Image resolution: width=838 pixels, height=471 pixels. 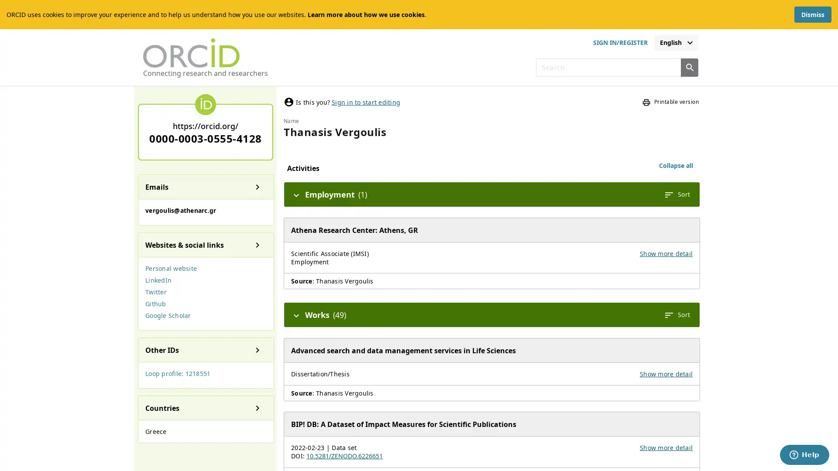 What do you see at coordinates (666, 373) in the screenshot?
I see `Show more detail` at bounding box center [666, 373].